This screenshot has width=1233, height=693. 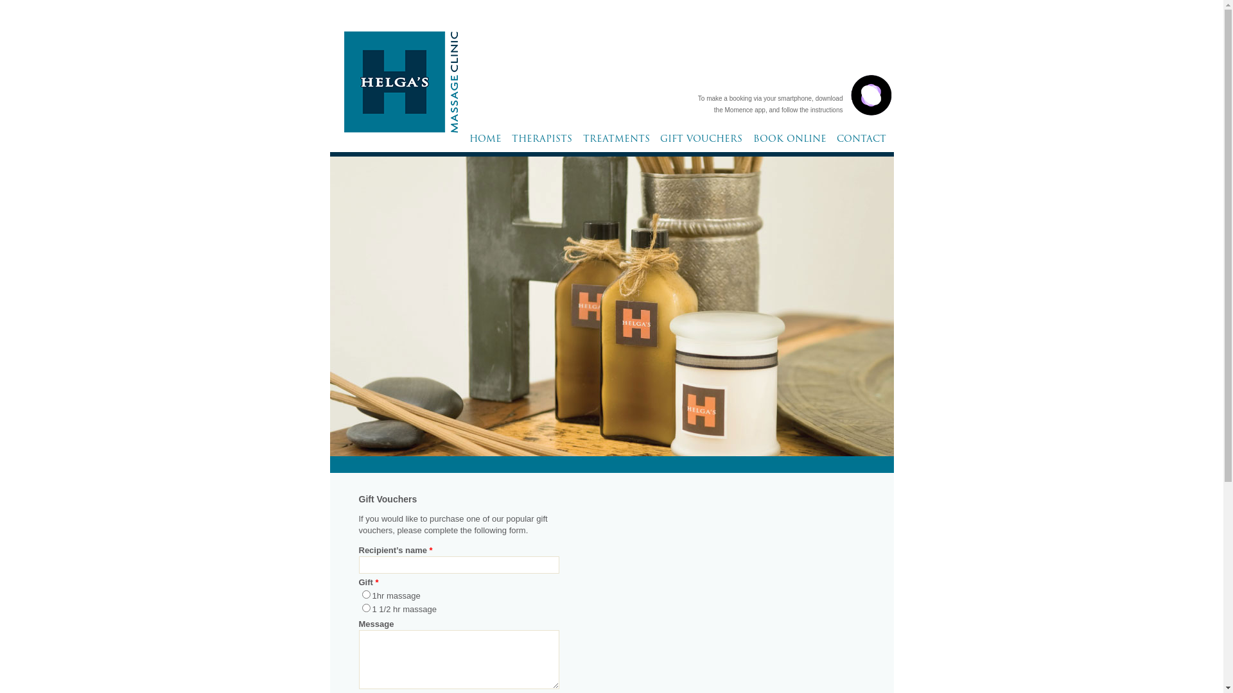 What do you see at coordinates (484, 142) in the screenshot?
I see `'HOME'` at bounding box center [484, 142].